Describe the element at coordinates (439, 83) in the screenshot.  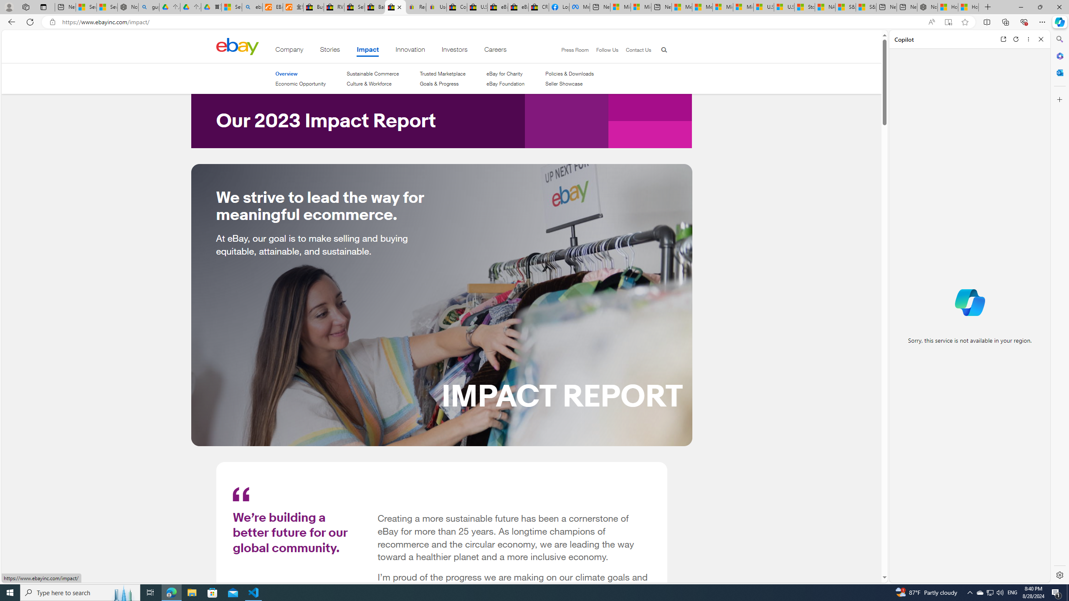
I see `'Goals & Progress'` at that location.